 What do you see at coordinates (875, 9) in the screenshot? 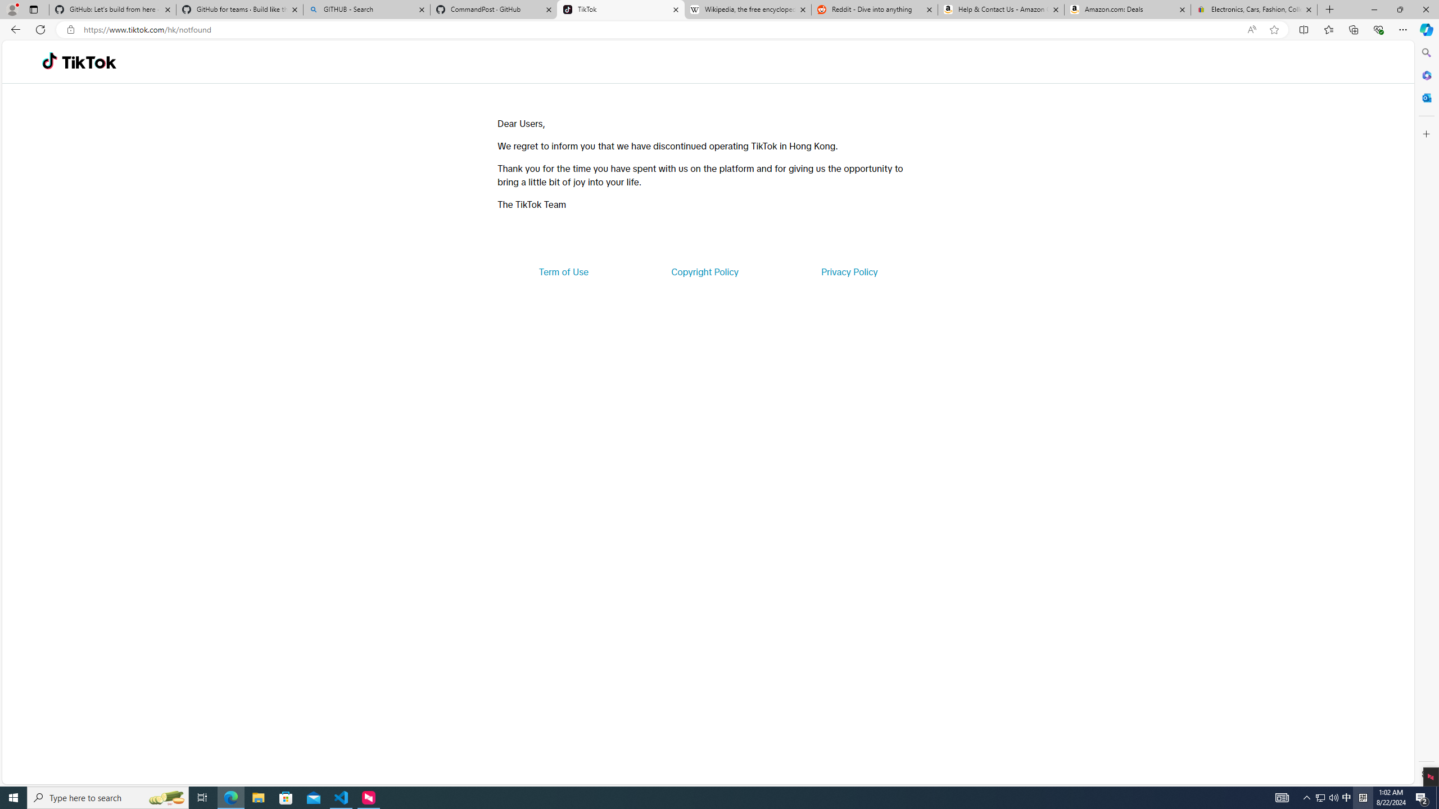
I see `'Reddit - Dive into anything'` at bounding box center [875, 9].